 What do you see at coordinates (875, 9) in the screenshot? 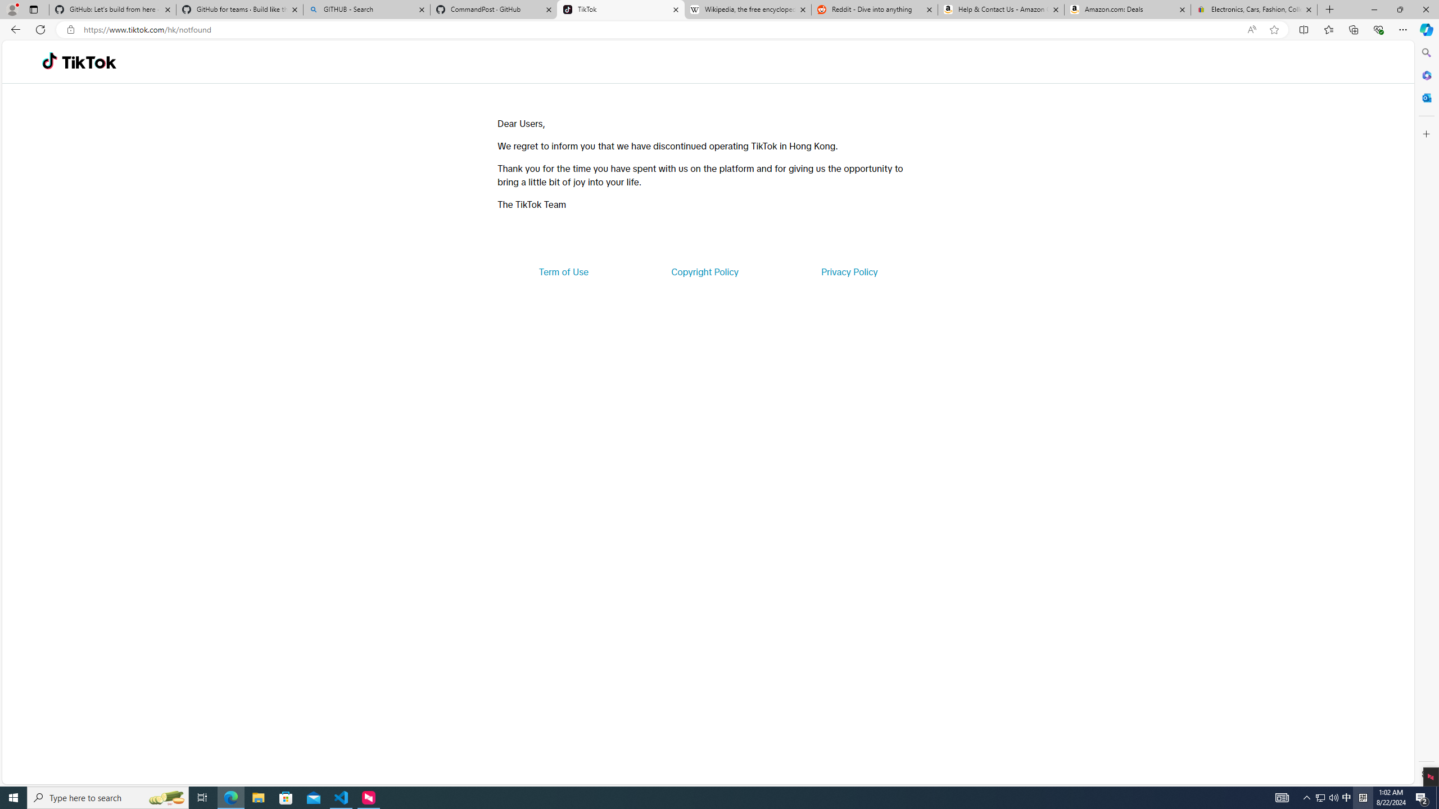
I see `'Reddit - Dive into anything'` at bounding box center [875, 9].